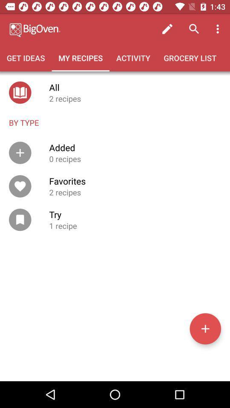 The image size is (230, 408). What do you see at coordinates (205, 328) in the screenshot?
I see `the add icon` at bounding box center [205, 328].